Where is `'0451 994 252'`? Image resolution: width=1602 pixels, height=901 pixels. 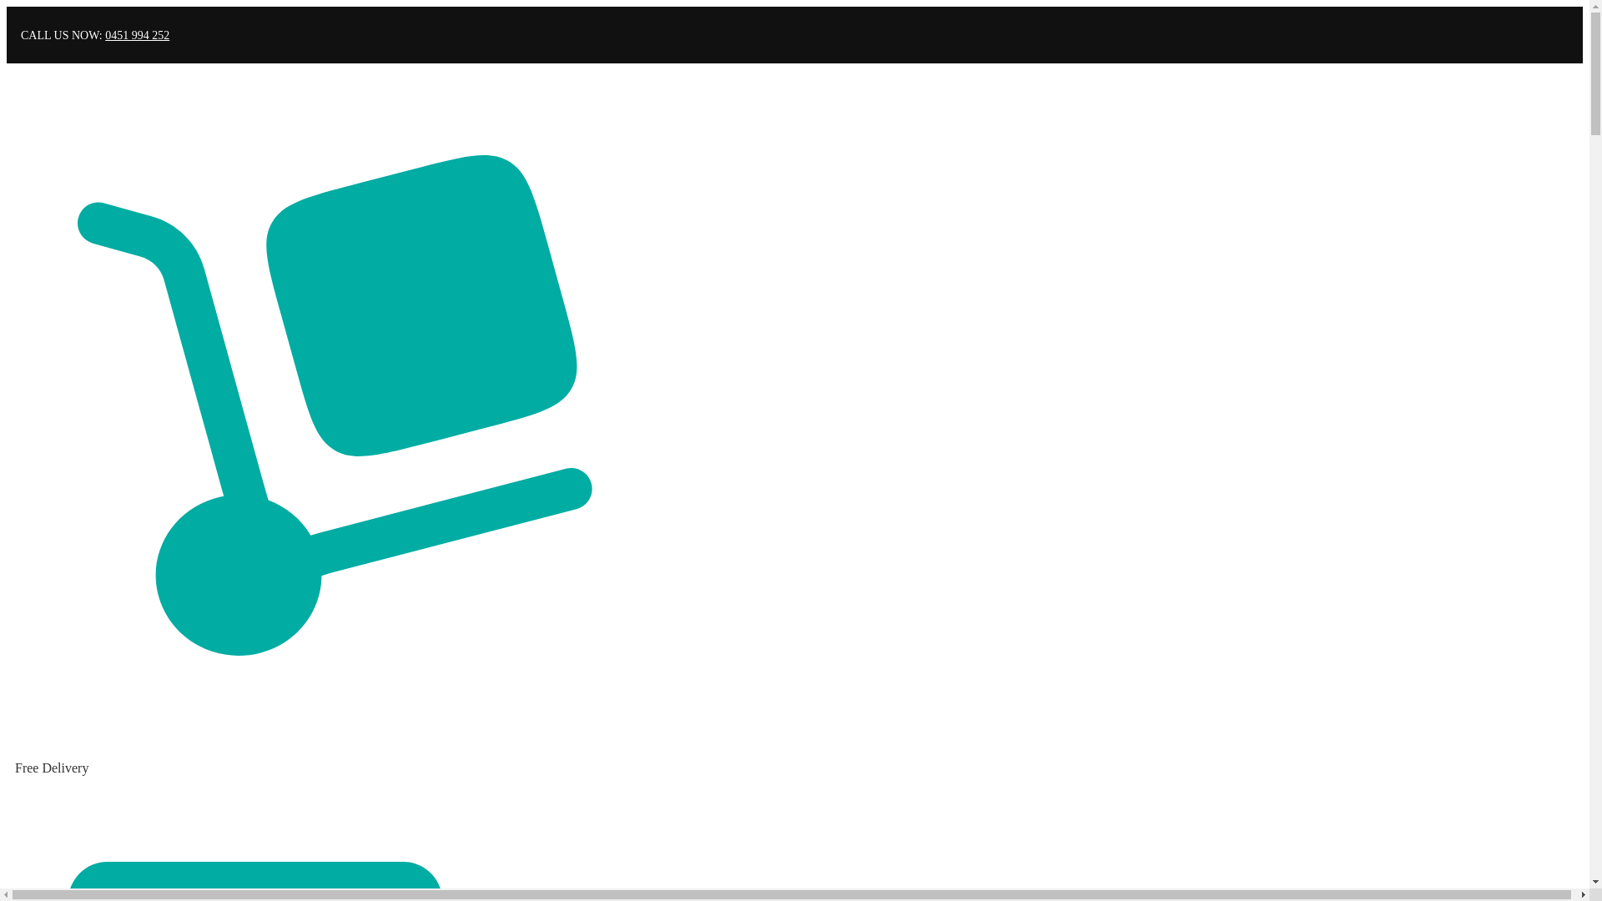
'0451 994 252' is located at coordinates (137, 35).